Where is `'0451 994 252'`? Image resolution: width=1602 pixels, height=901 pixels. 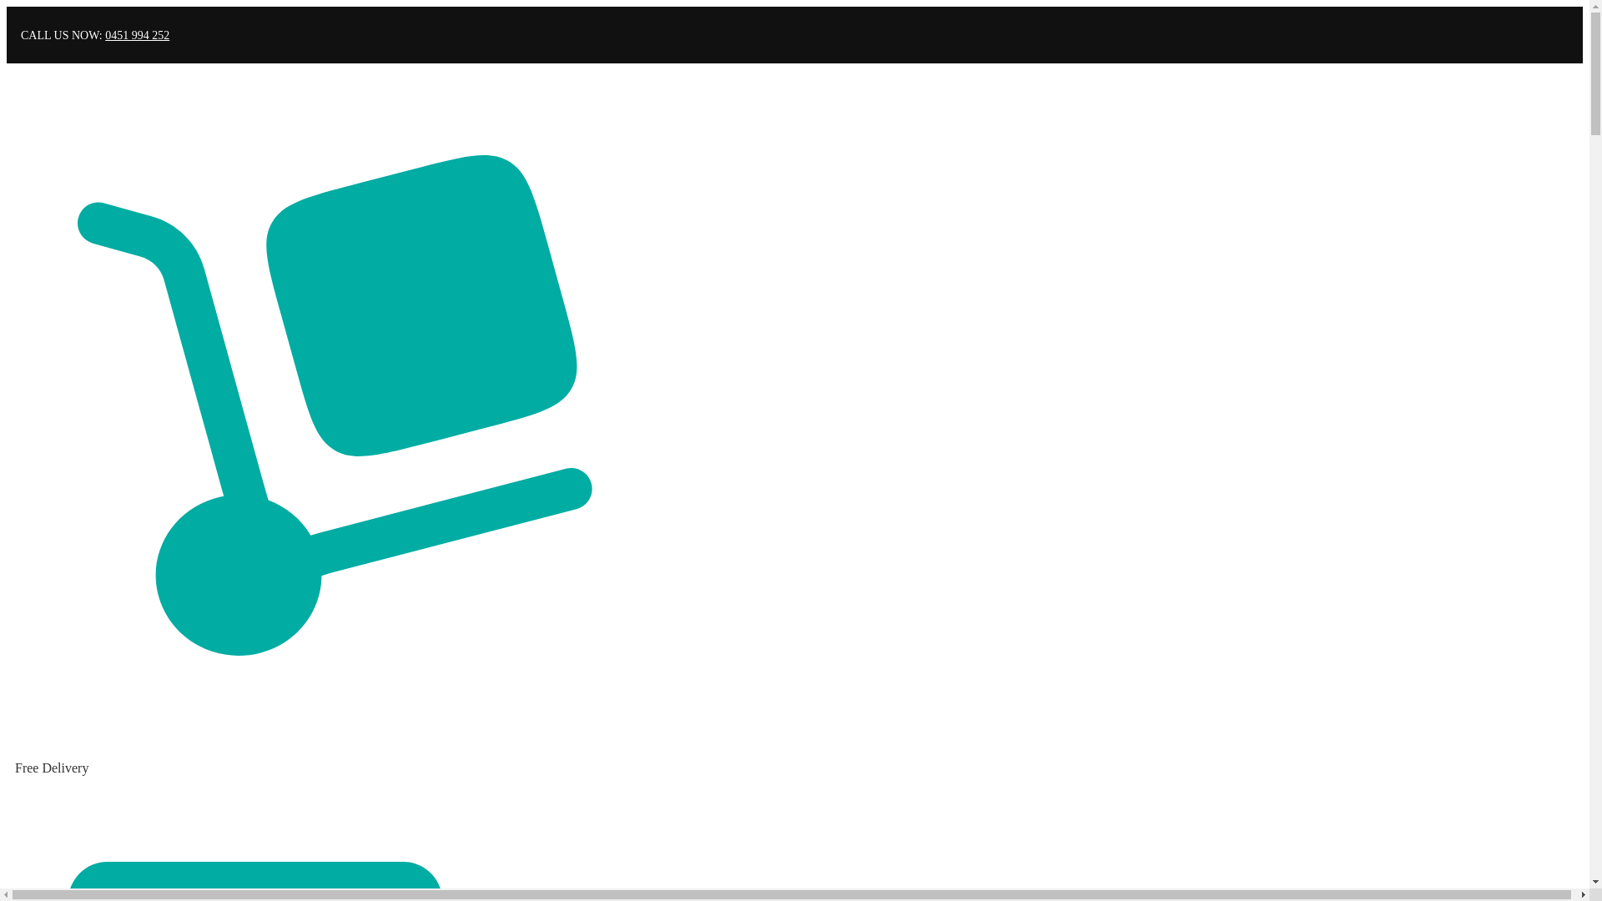
'0451 994 252' is located at coordinates (137, 35).